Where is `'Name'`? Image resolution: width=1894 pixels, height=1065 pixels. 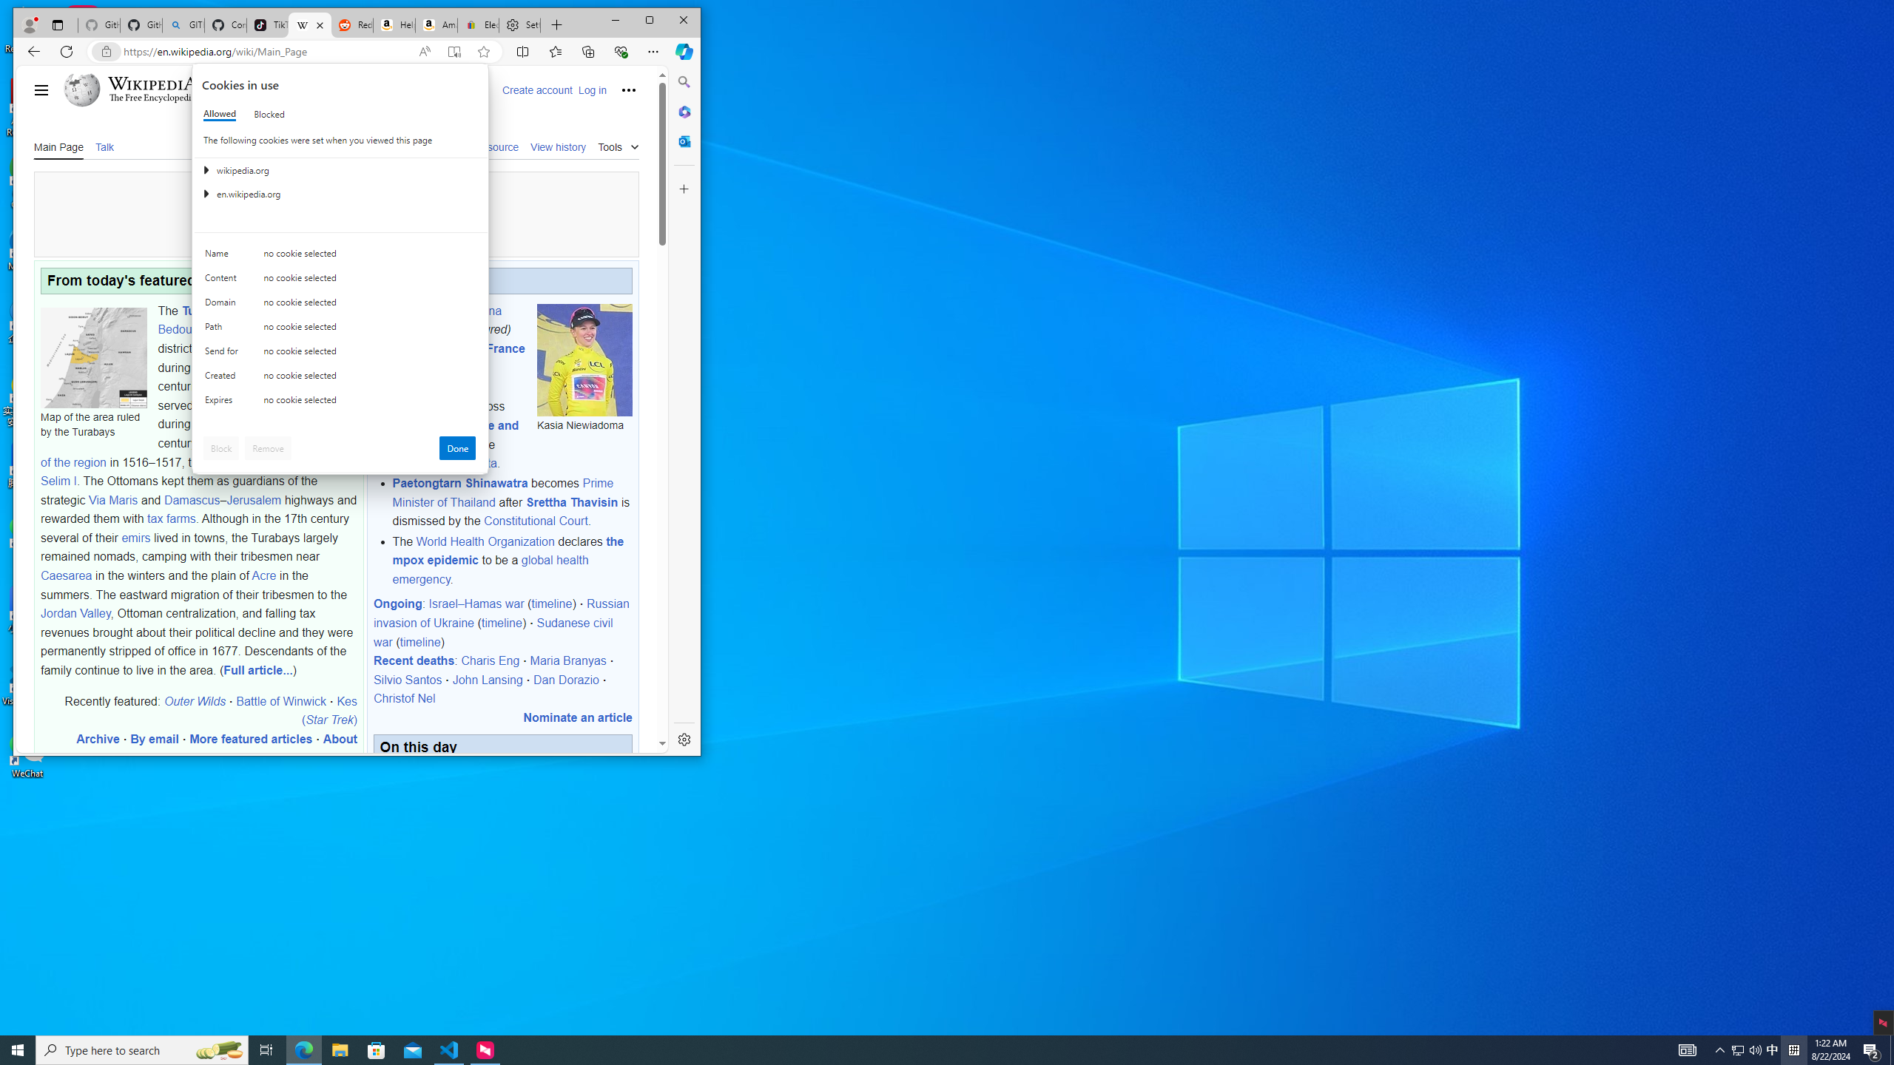 'Name' is located at coordinates (223, 256).